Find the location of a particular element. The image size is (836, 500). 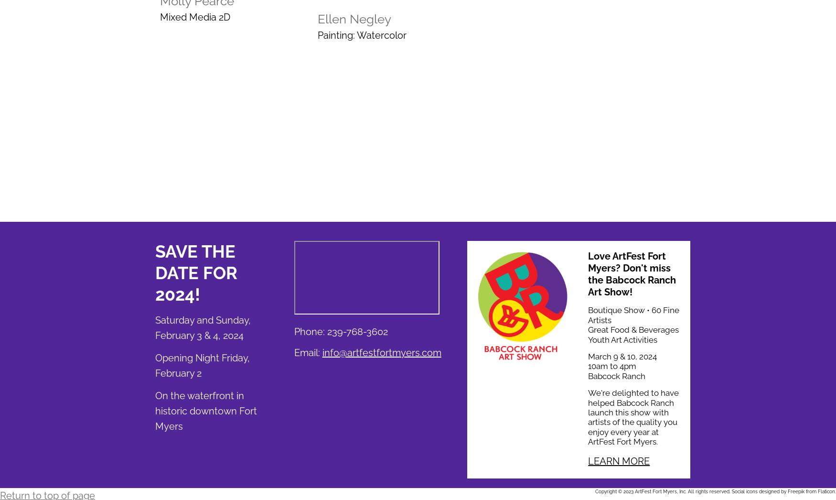

'Babcock Ranch' is located at coordinates (616, 375).